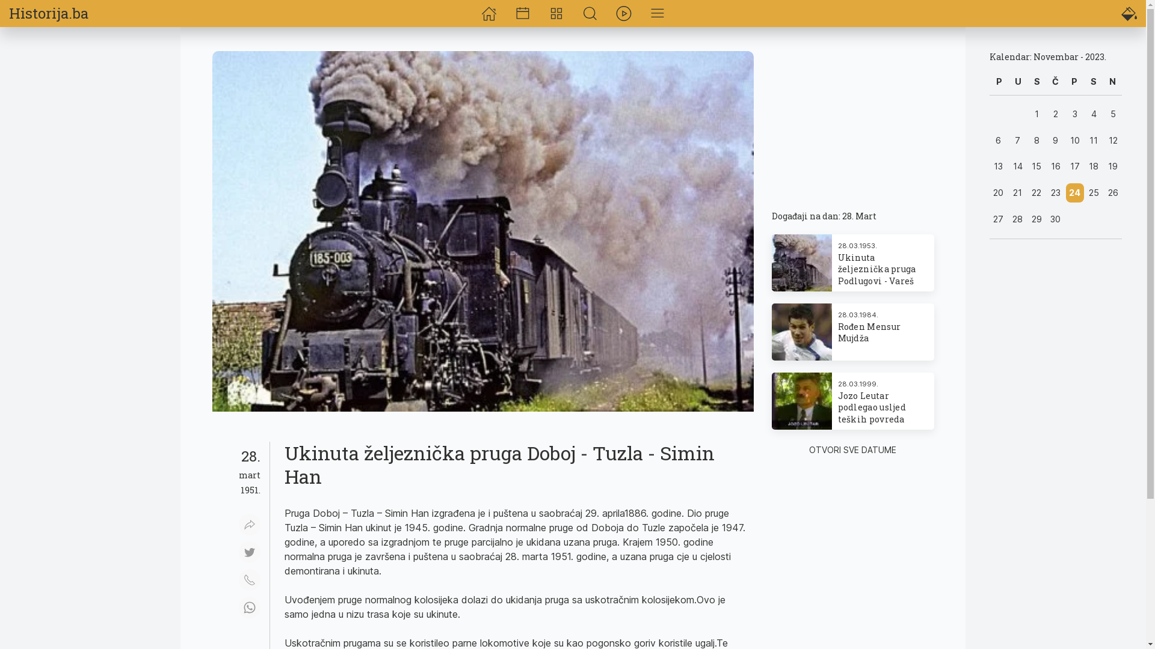  Describe the element at coordinates (1017, 219) in the screenshot. I see `'28'` at that location.